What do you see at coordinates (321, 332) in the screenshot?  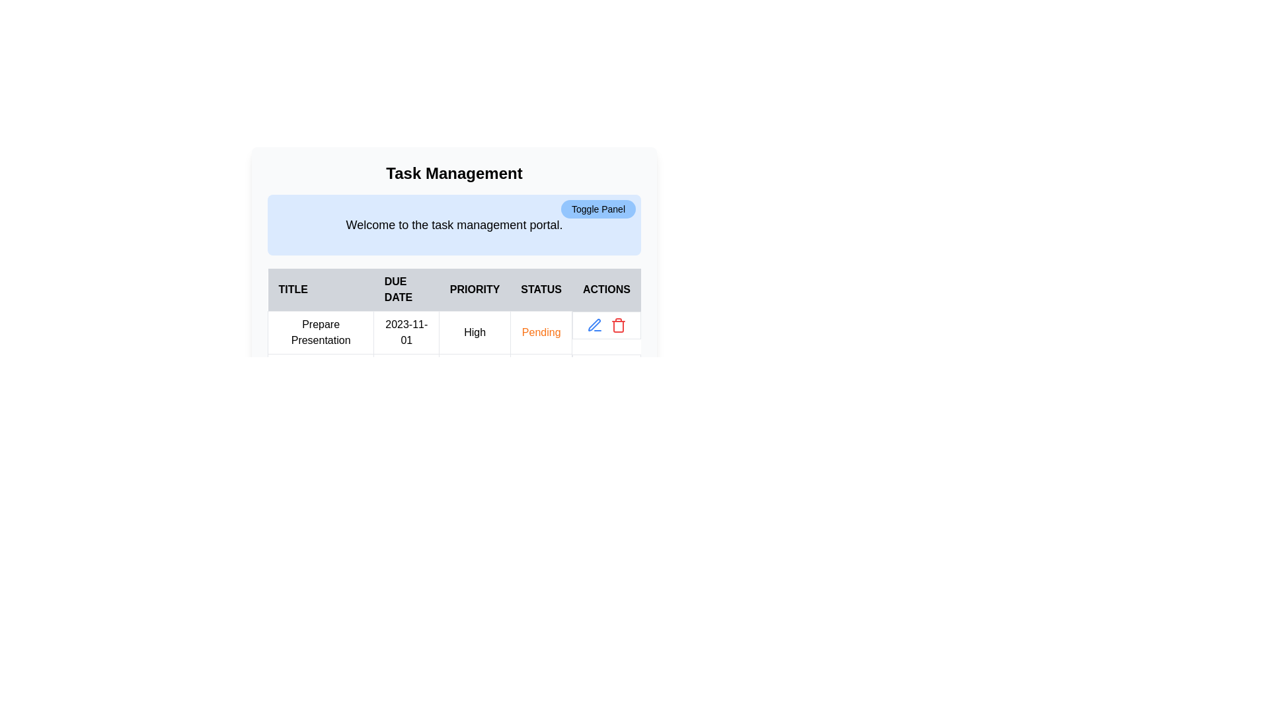 I see `the task title text label in the first column of the task management system's table, located under the 'TITLE' header` at bounding box center [321, 332].